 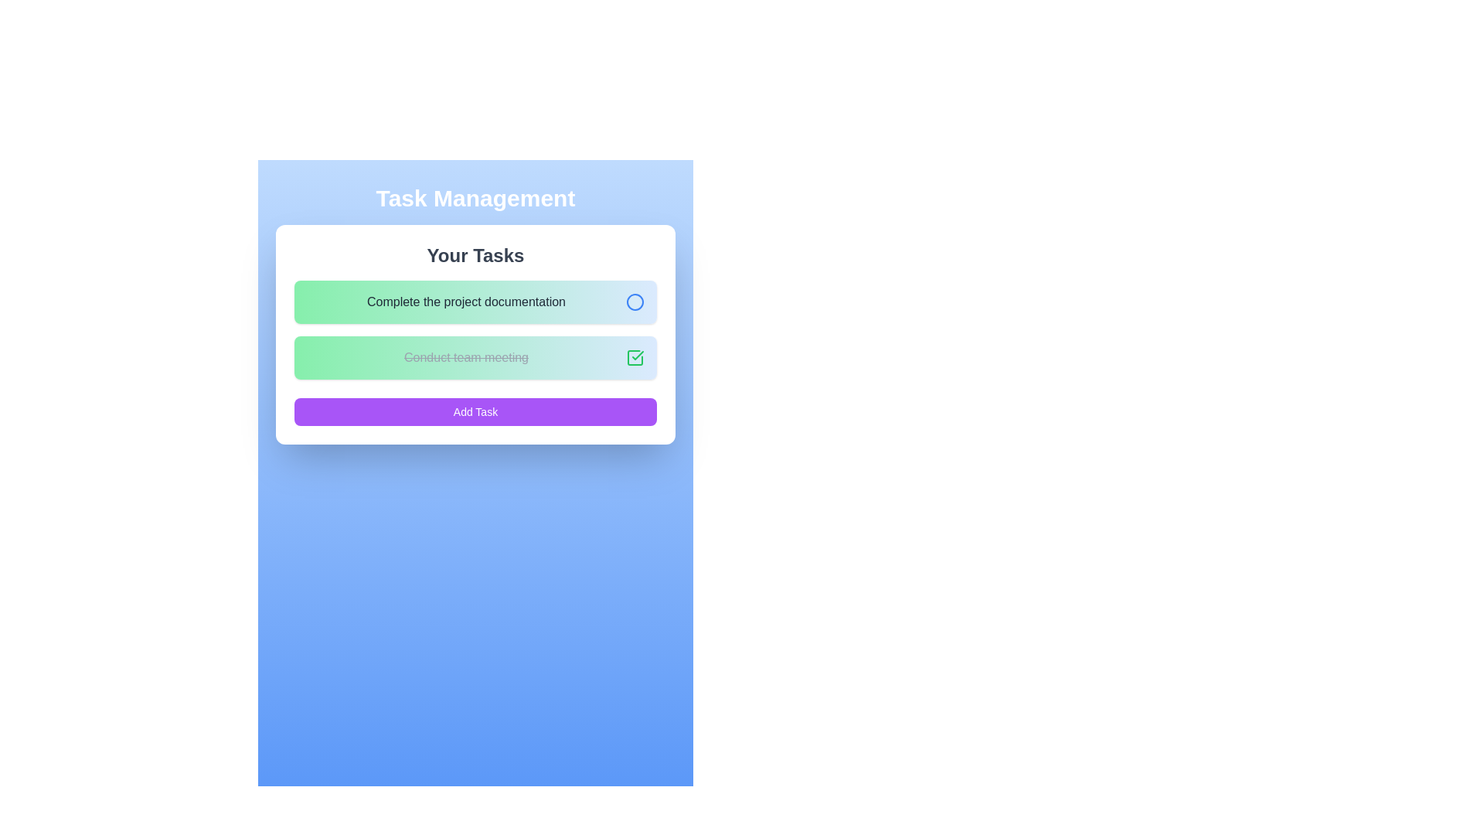 I want to click on the checkbox located towards the right side of the task item titled 'Conduct team meeting', so click(x=635, y=357).